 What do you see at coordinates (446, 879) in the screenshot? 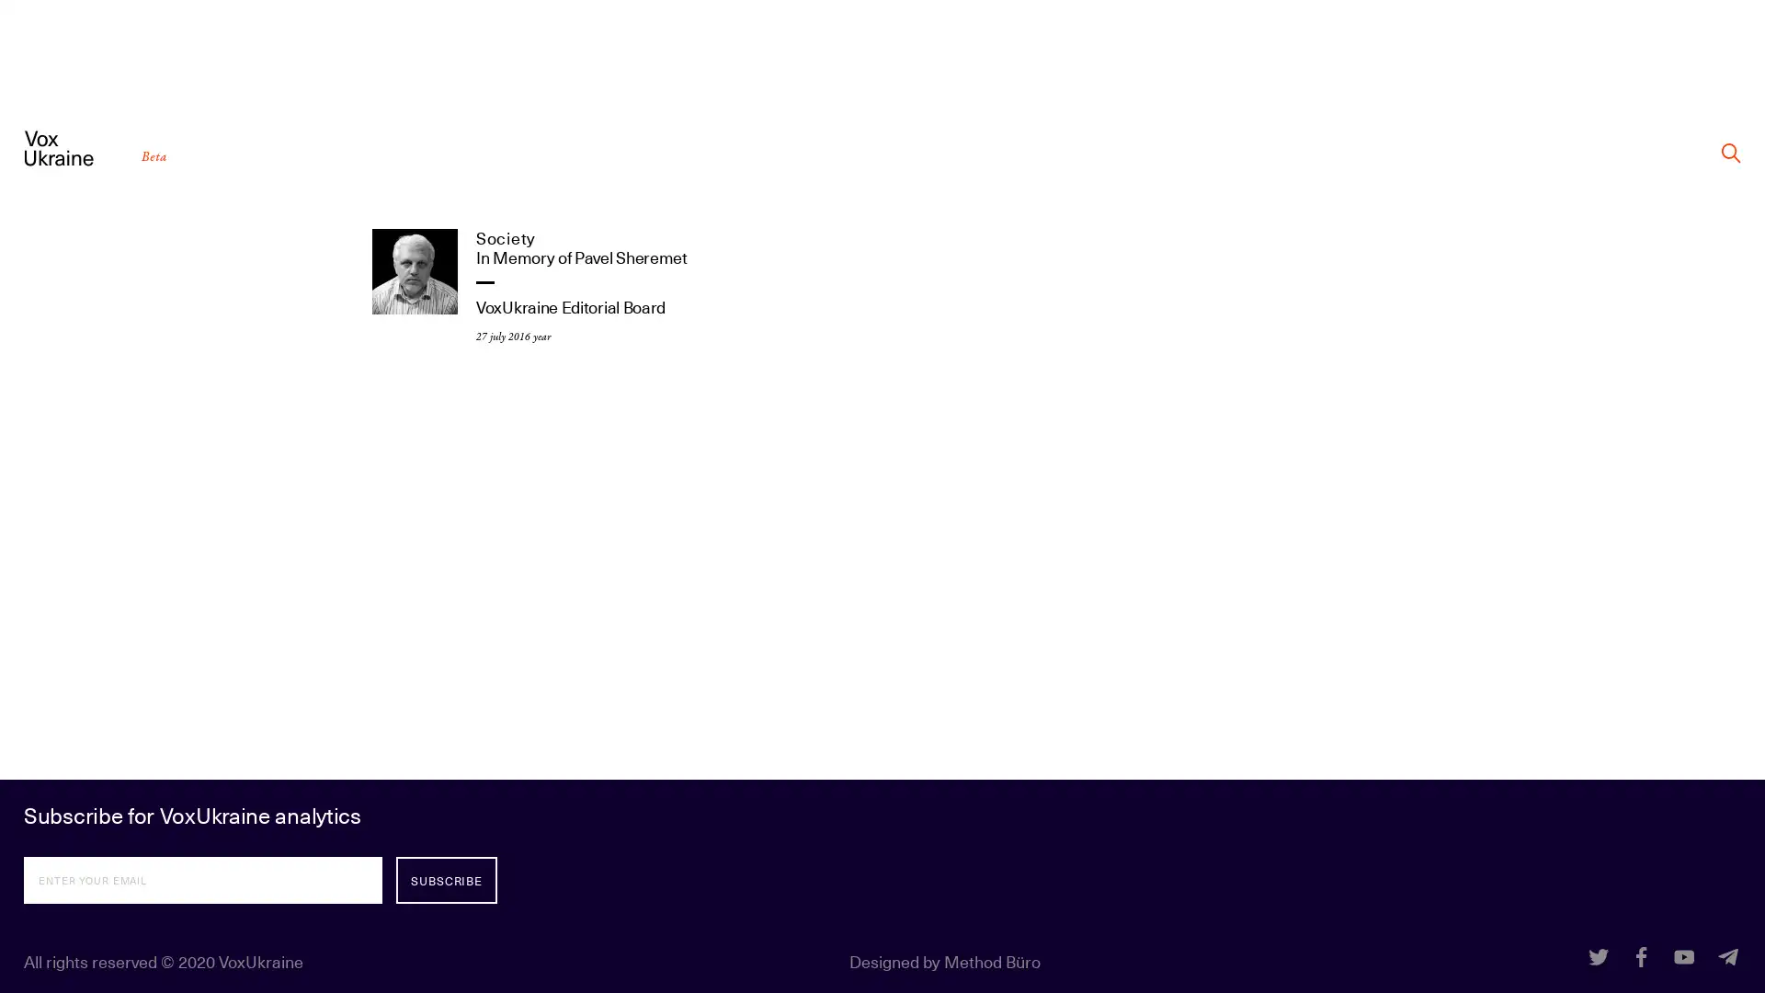
I see `Subscribe` at bounding box center [446, 879].